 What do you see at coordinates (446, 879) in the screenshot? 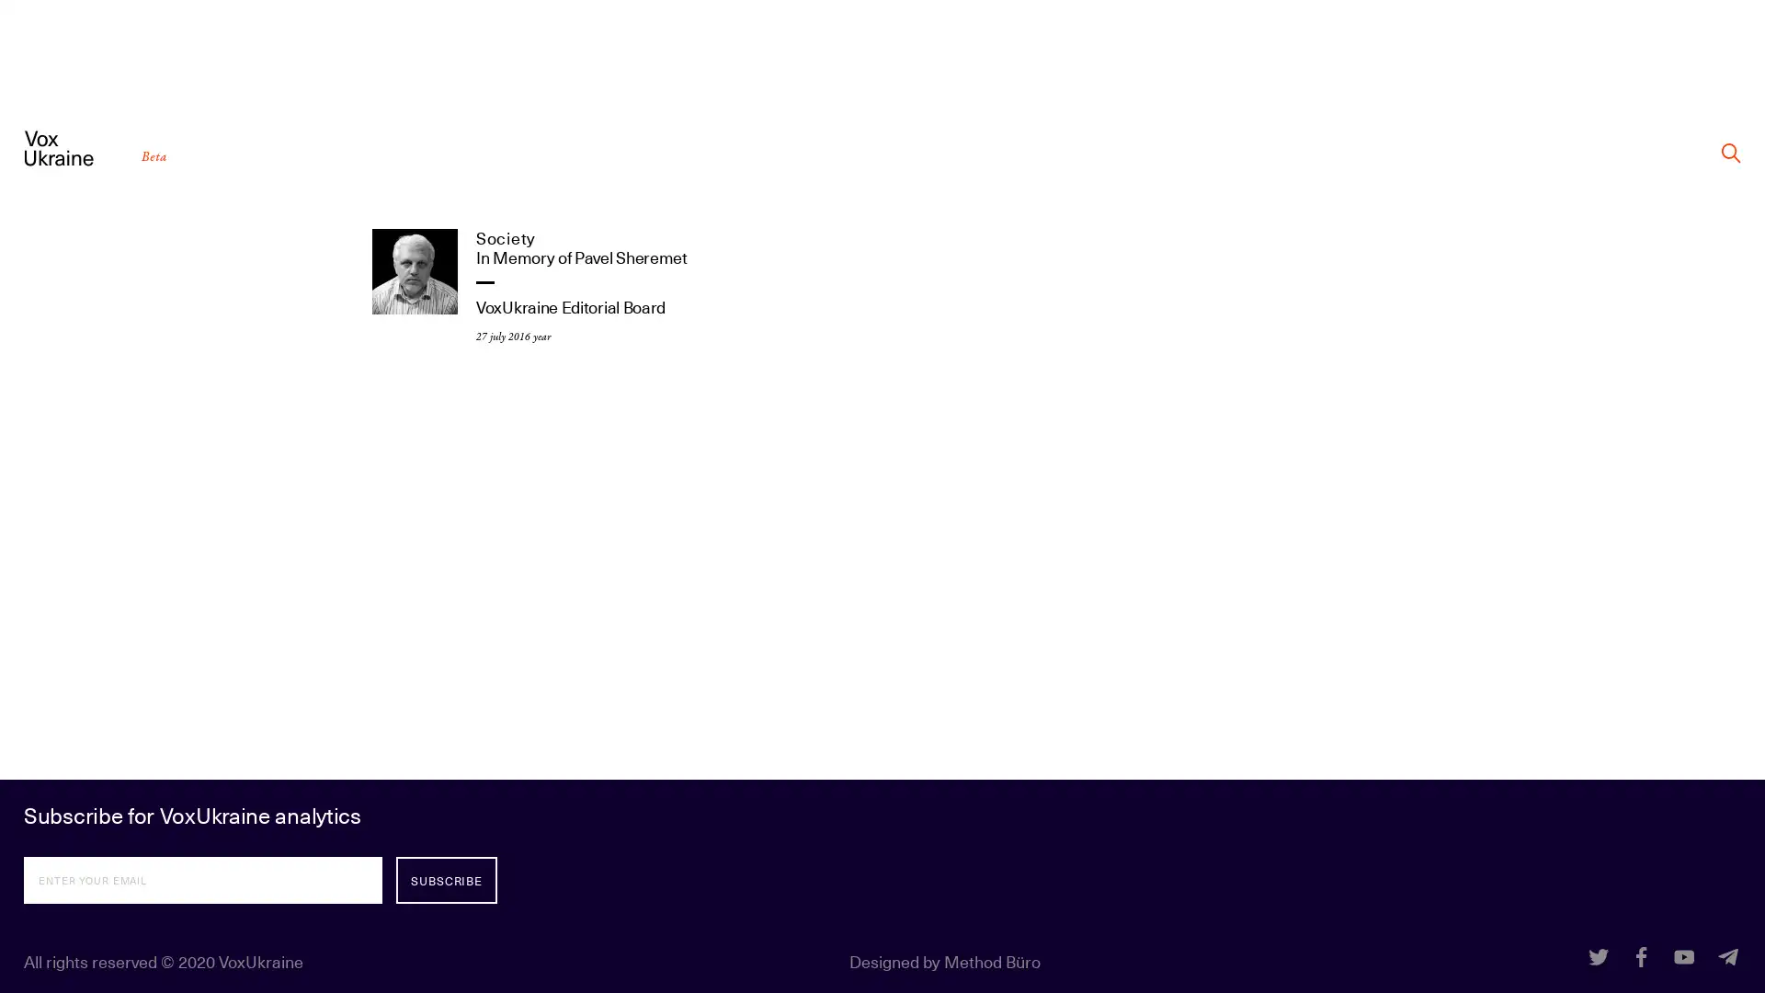
I see `Subscribe` at bounding box center [446, 879].